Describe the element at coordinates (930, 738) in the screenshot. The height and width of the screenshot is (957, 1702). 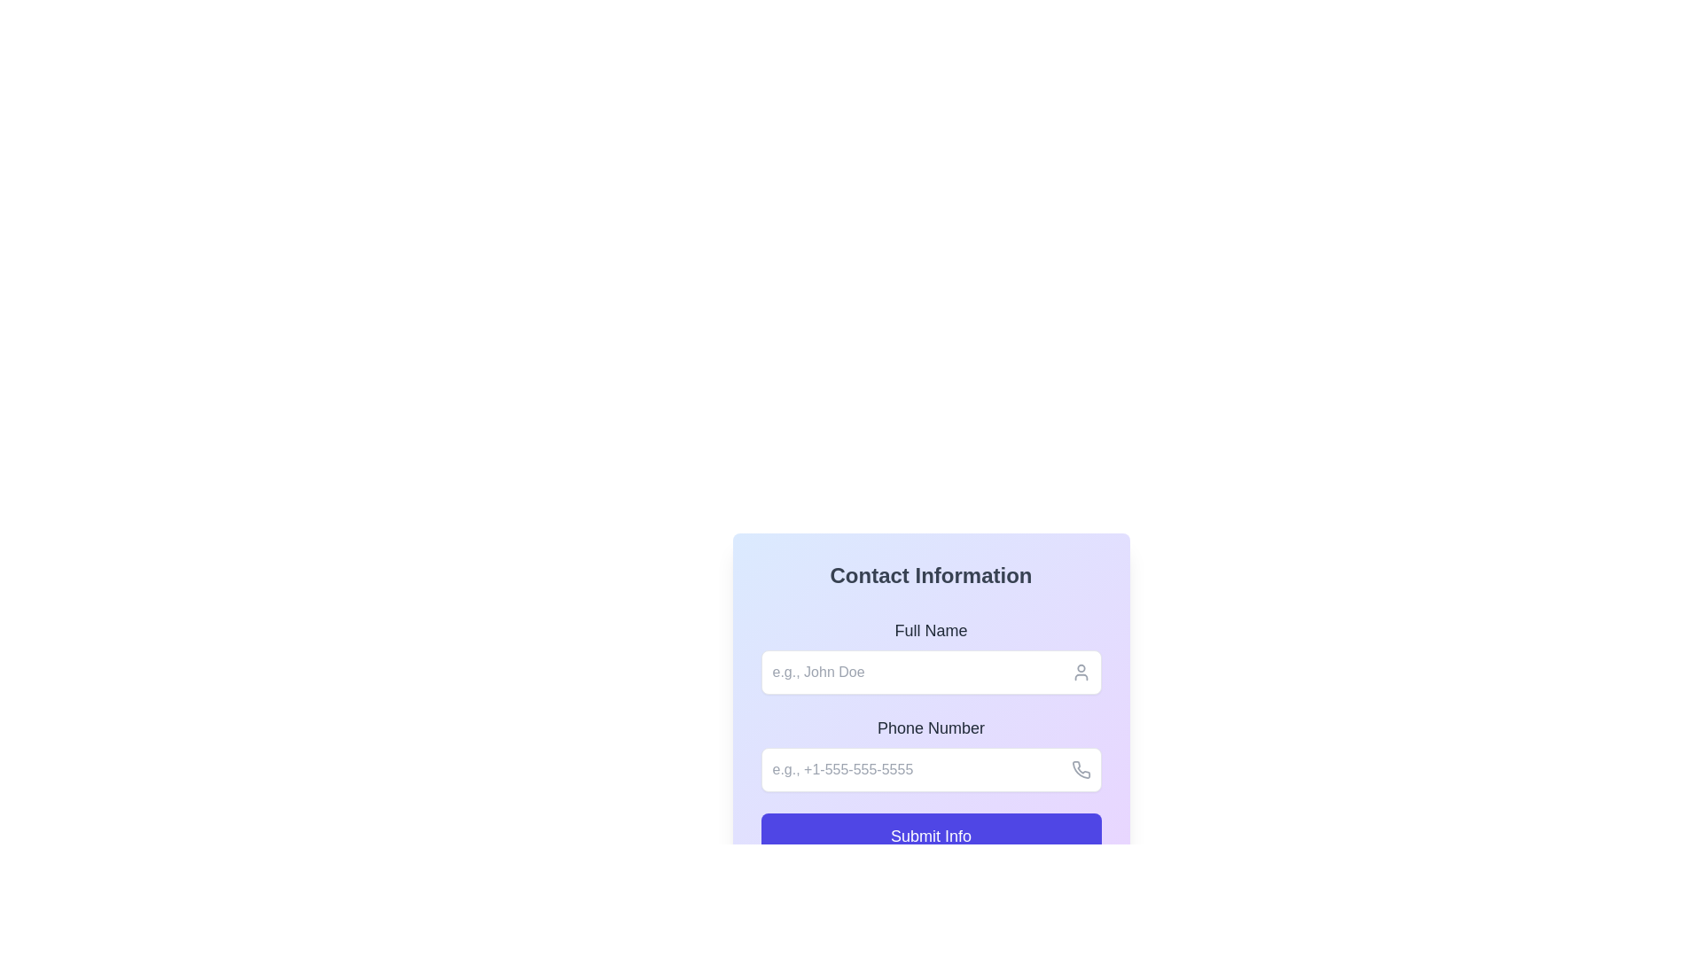
I see `the input field located in the 'Contact Information' section, which has a gradient background and is positioned below the full name input and above the 'Submit Info' button to focus on it` at that location.